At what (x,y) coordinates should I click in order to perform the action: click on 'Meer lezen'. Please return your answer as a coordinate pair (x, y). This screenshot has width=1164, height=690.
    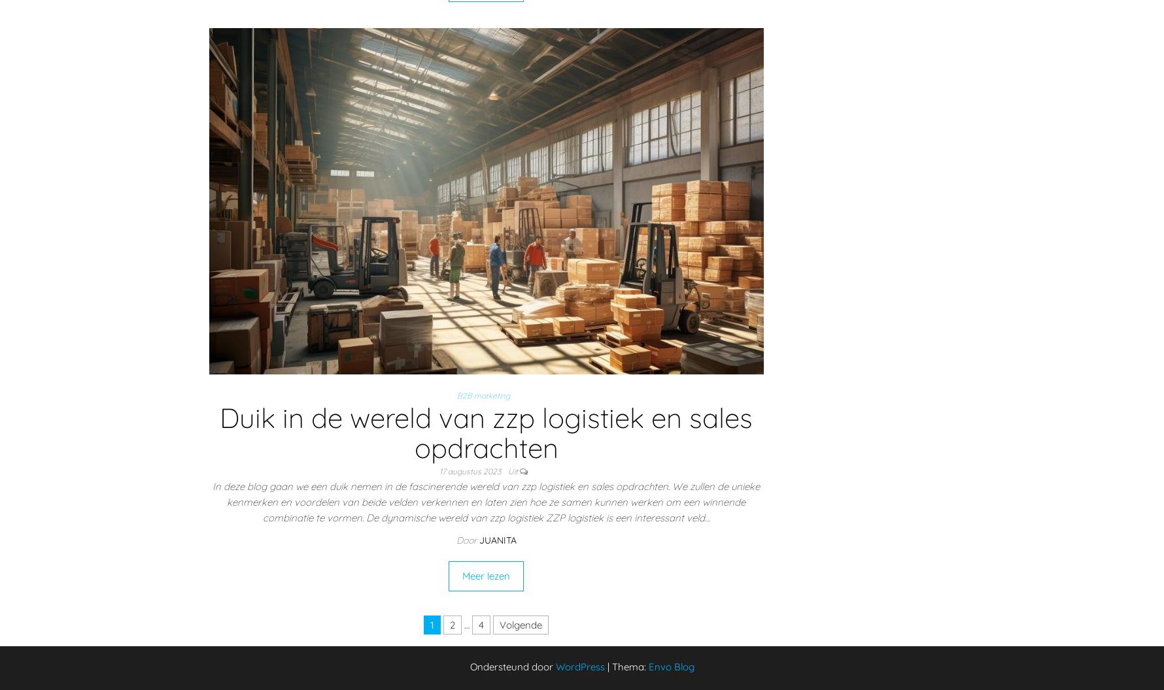
    Looking at the image, I should click on (486, 575).